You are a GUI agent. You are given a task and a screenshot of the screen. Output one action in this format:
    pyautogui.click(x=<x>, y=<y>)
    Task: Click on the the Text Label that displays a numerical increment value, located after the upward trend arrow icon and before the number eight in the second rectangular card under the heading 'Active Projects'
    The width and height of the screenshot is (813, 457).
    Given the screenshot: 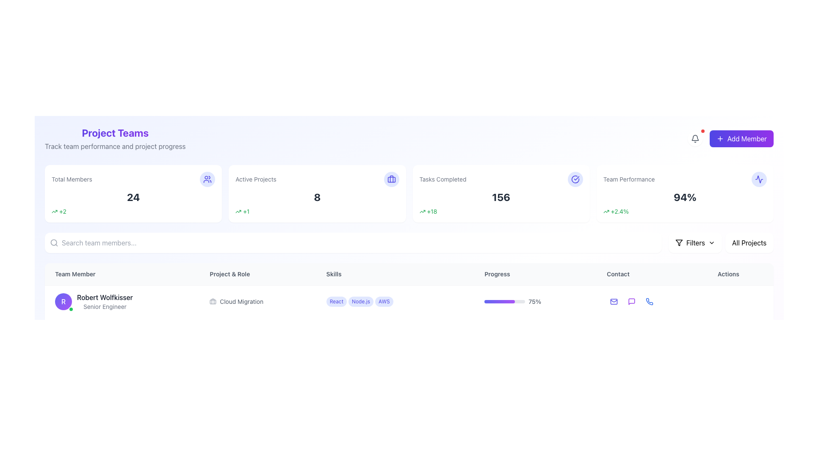 What is the action you would take?
    pyautogui.click(x=246, y=211)
    